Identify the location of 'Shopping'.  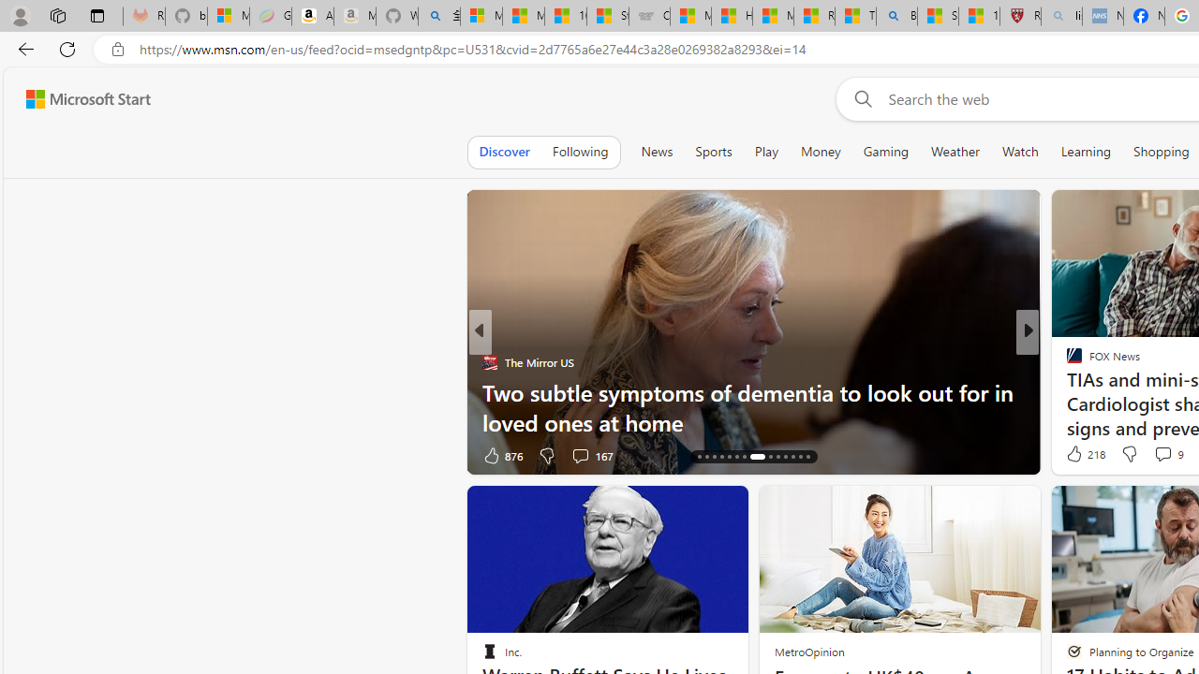
(1161, 151).